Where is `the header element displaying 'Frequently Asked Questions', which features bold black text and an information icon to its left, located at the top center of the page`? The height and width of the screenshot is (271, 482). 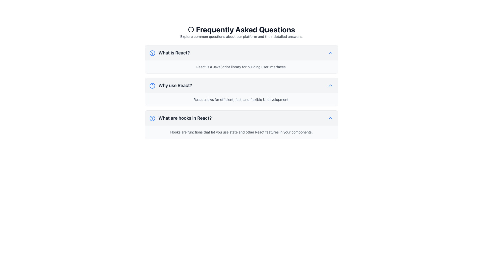 the header element displaying 'Frequently Asked Questions', which features bold black text and an information icon to its left, located at the top center of the page is located at coordinates (241, 30).